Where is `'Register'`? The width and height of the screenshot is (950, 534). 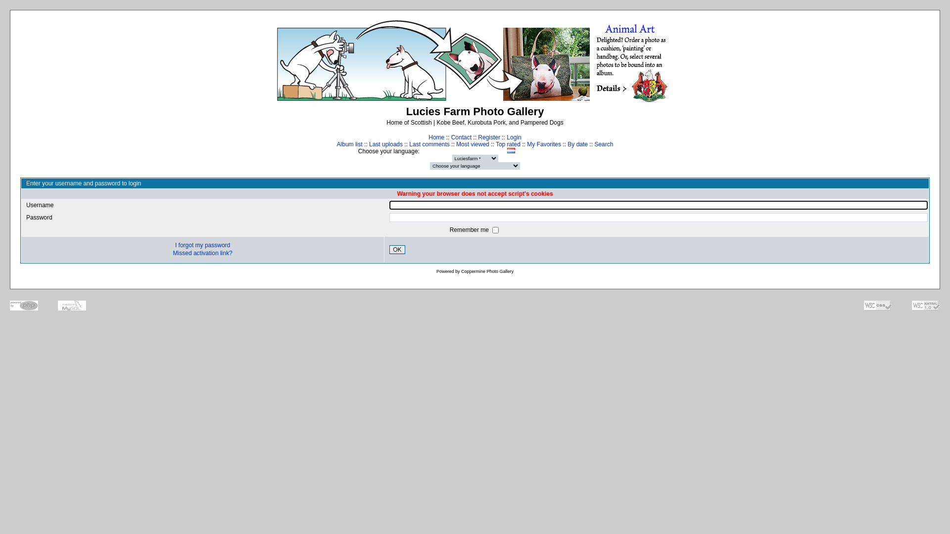
'Register' is located at coordinates (489, 137).